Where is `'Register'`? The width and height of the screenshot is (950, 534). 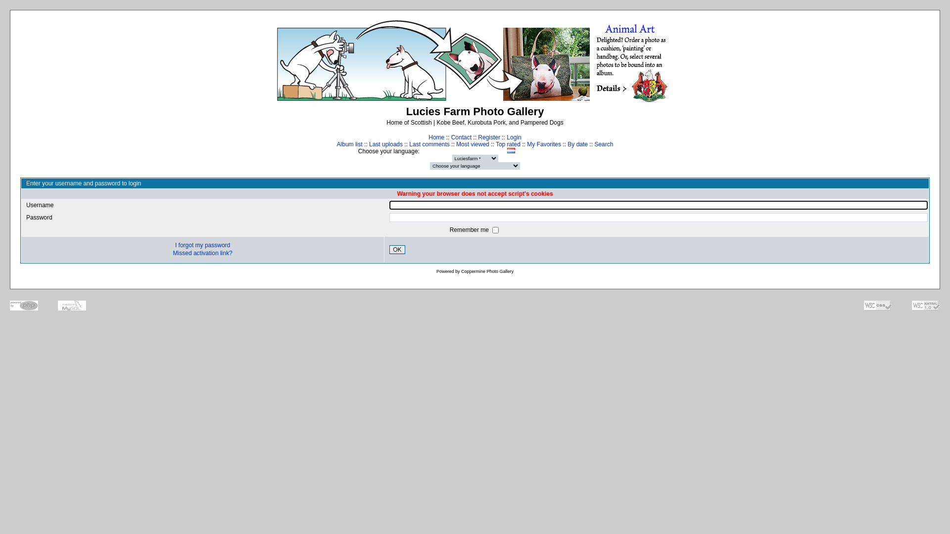
'Register' is located at coordinates (489, 137).